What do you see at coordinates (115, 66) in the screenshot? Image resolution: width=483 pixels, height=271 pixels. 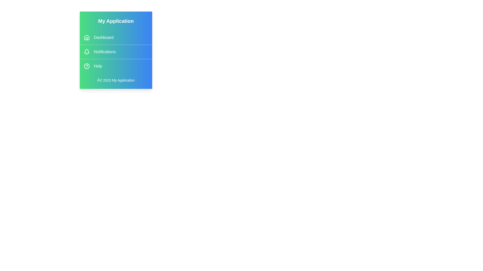 I see `the Help menu item to navigate to its section` at bounding box center [115, 66].